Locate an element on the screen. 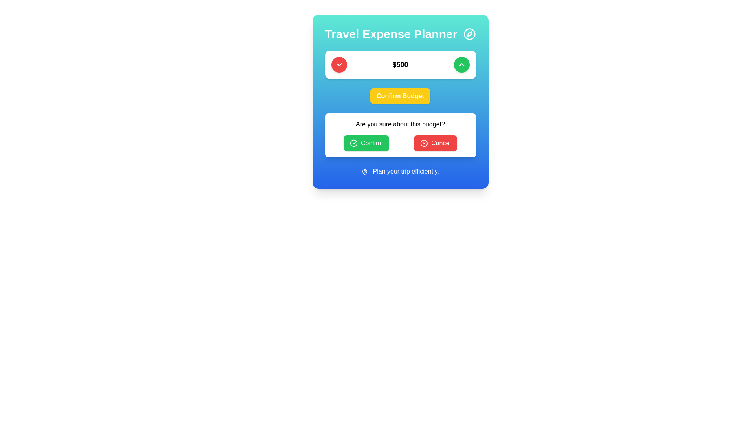 The width and height of the screenshot is (754, 424). the confirmation icon within the 'Confirm' button, which indicates user approval for the action, located below the text 'Are you sure about this budget?' is located at coordinates (353, 143).